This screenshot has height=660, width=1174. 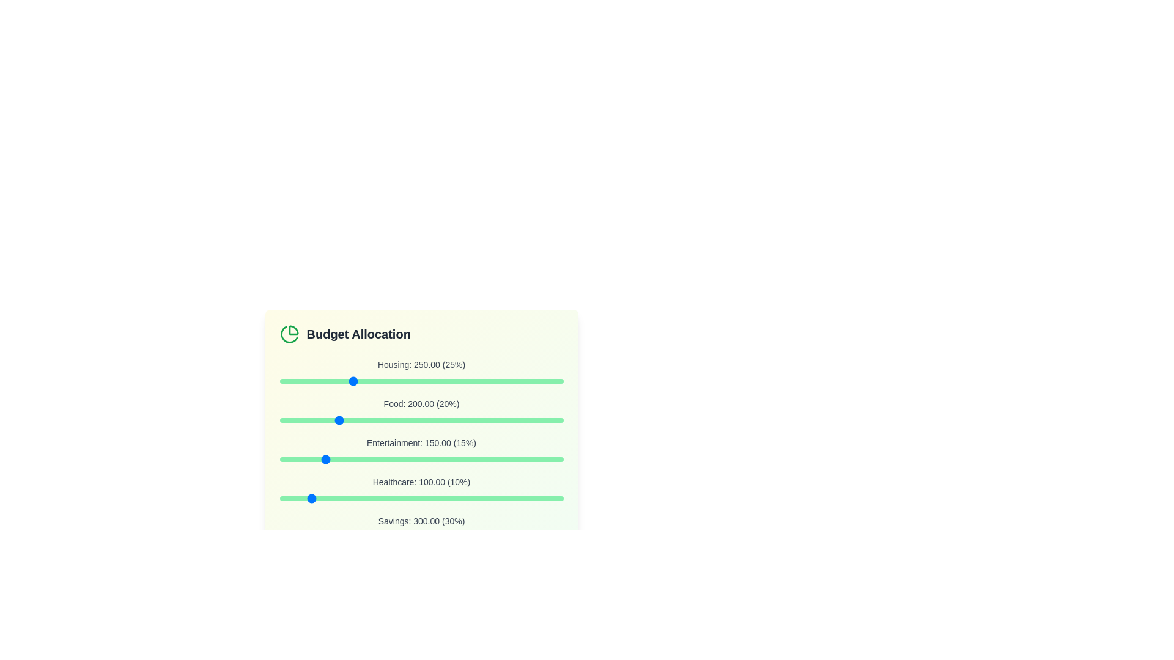 I want to click on the pie chart icon to explore additional functionality, so click(x=289, y=334).